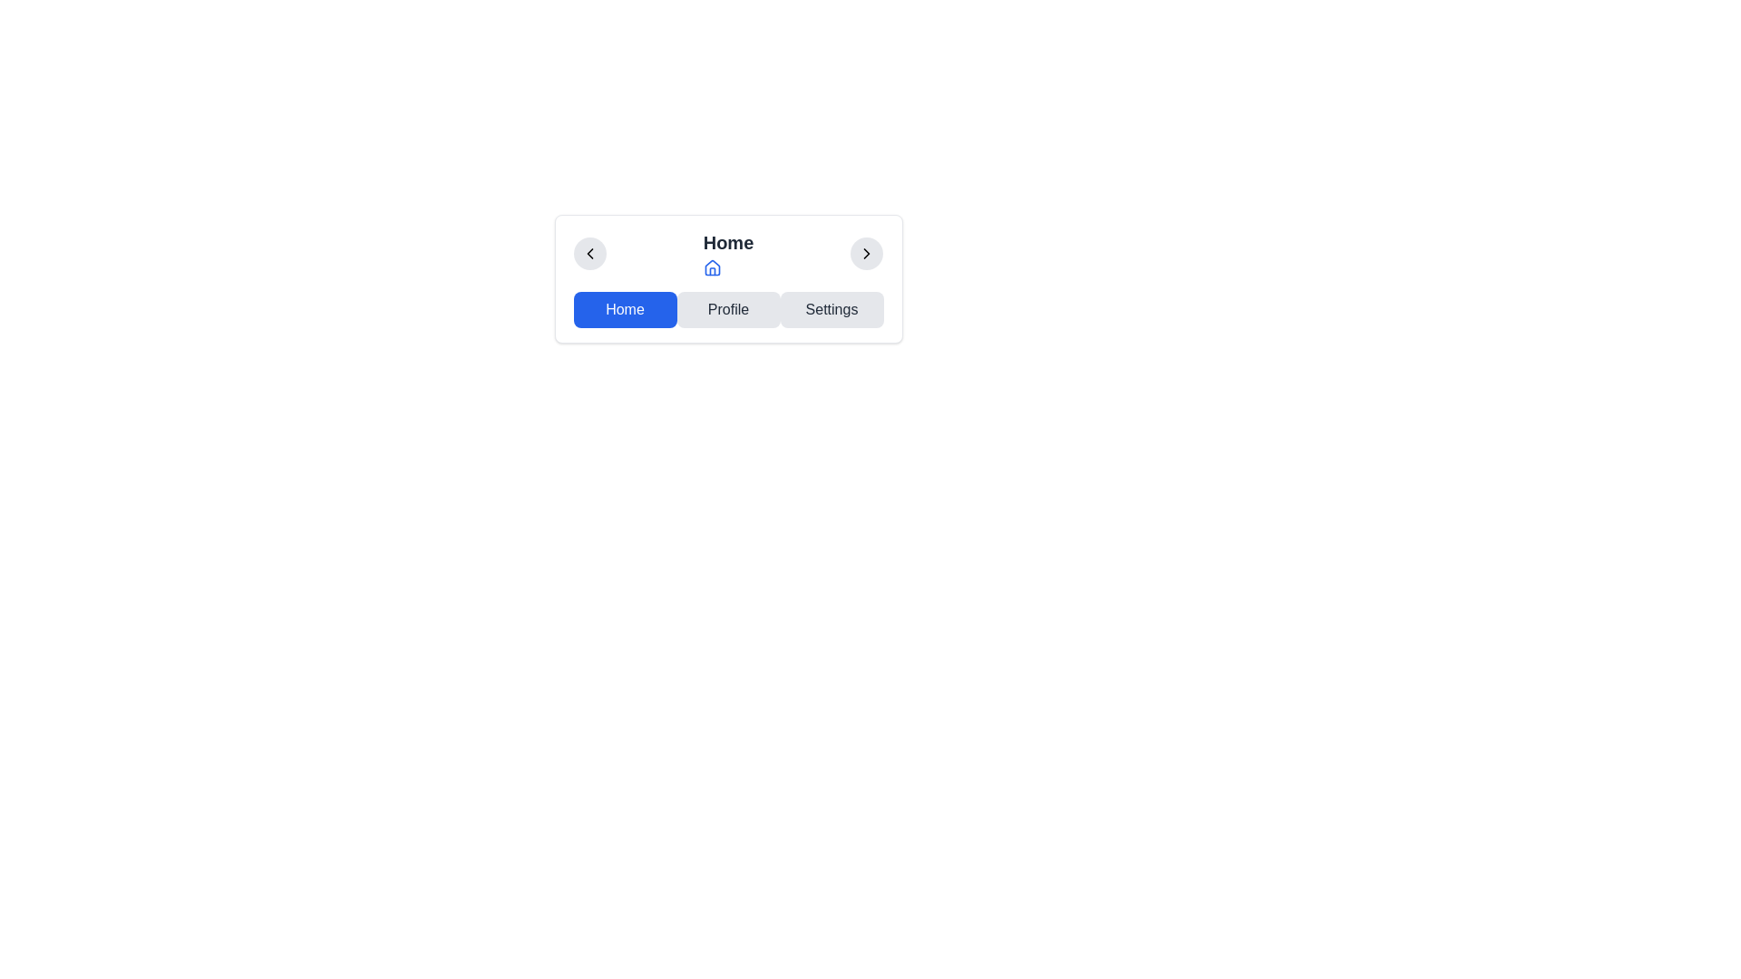  I want to click on the settings button located at the far right of the row of three buttons, so click(831, 309).